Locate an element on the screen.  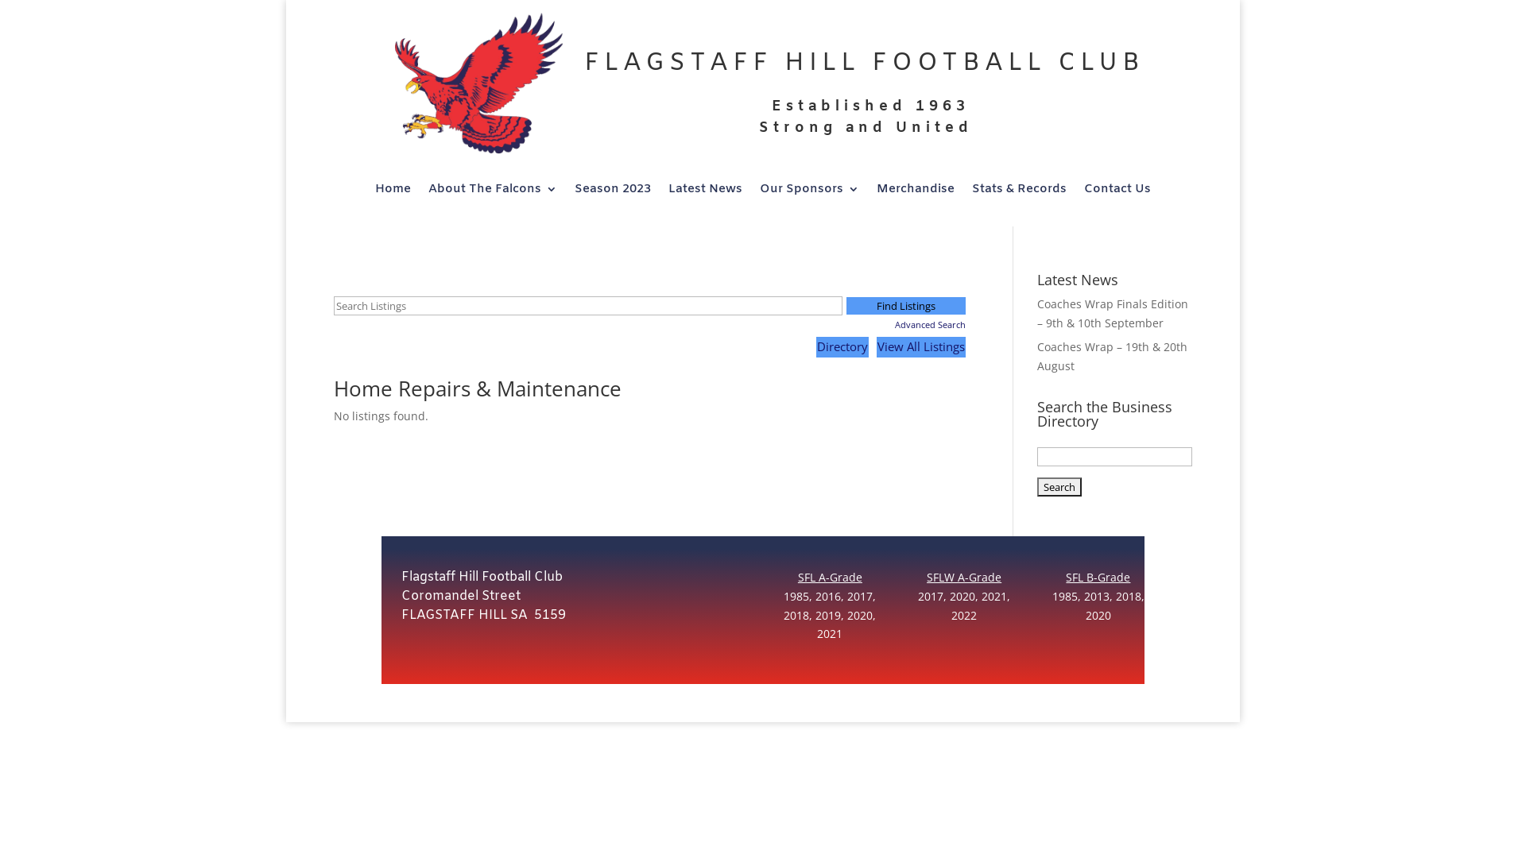
'Latest News' is located at coordinates (704, 191).